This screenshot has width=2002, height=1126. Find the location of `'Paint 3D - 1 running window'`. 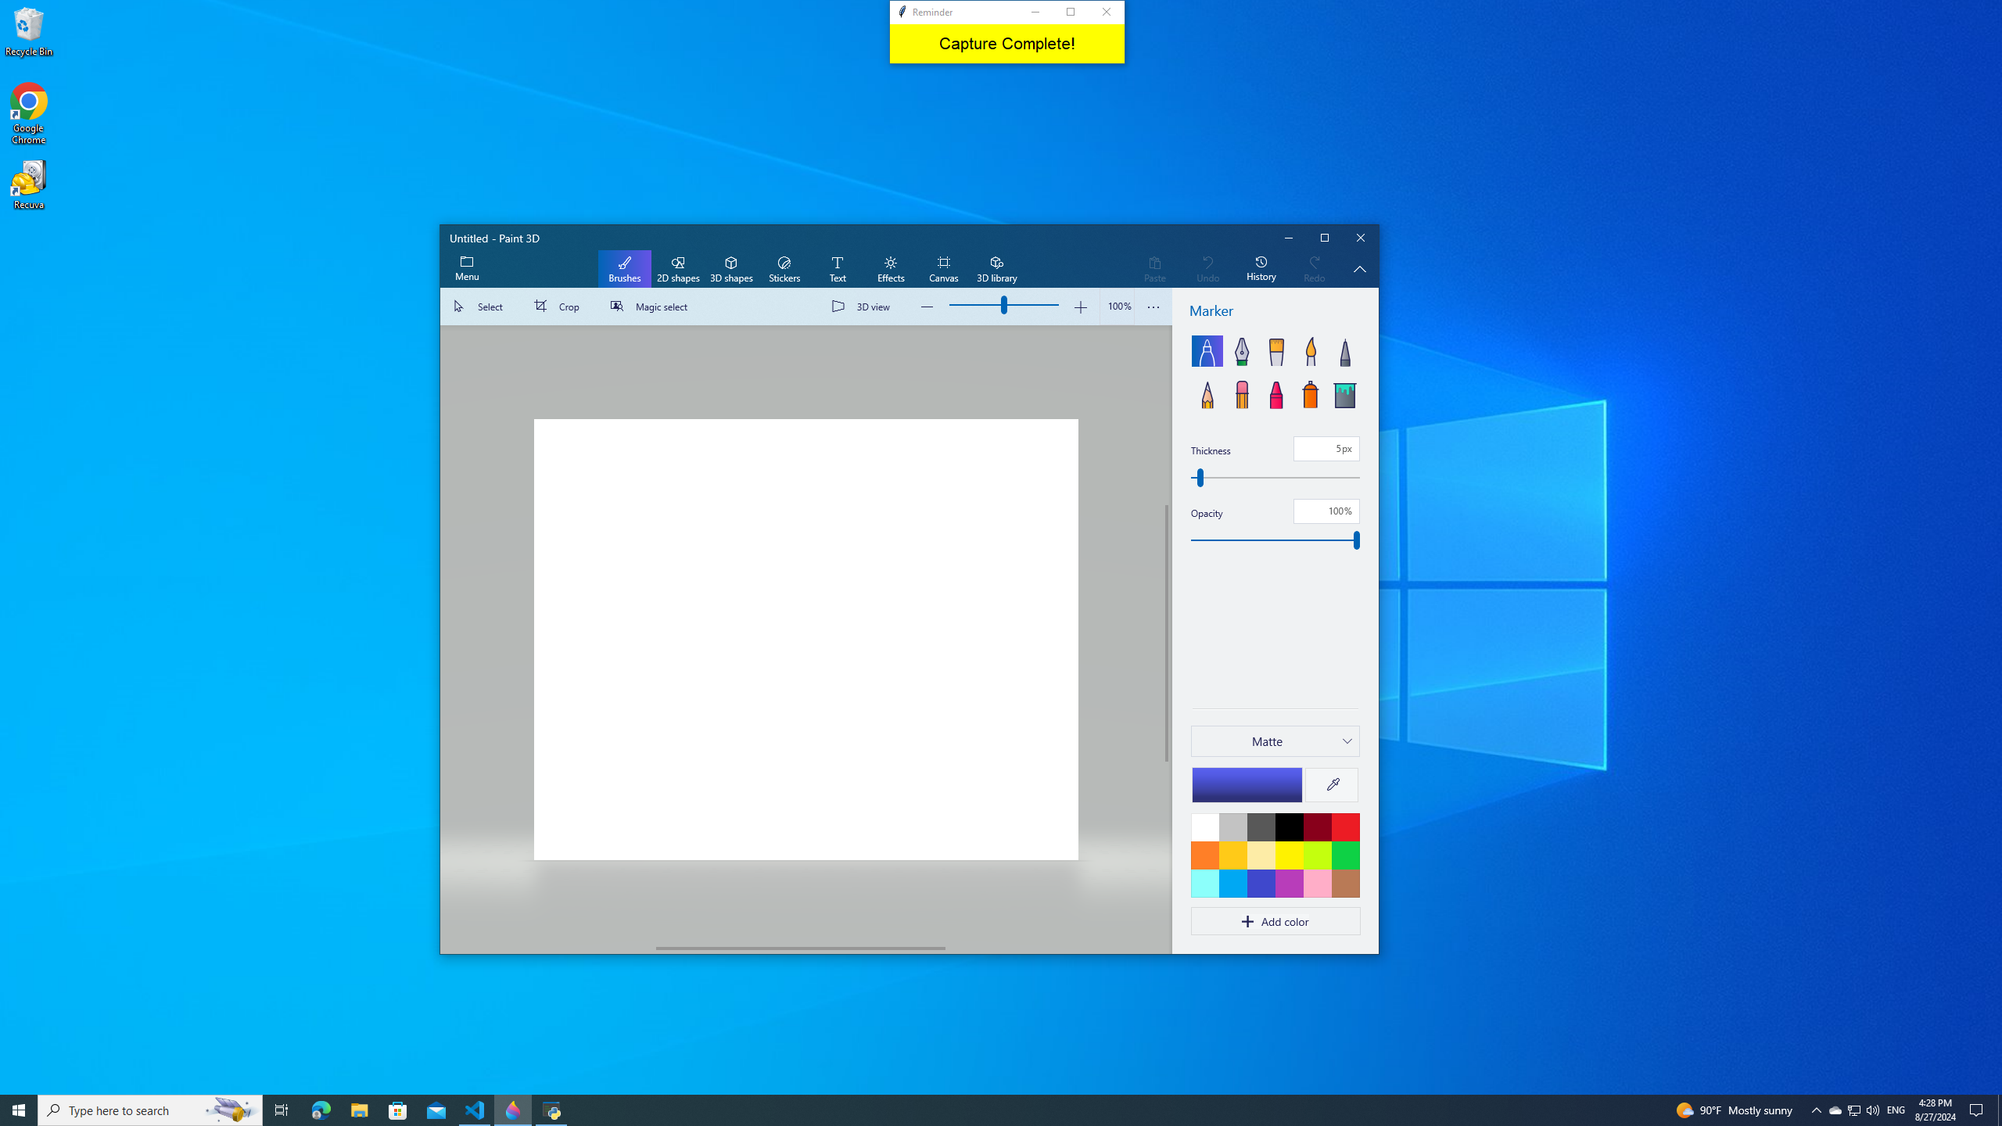

'Paint 3D - 1 running window' is located at coordinates (513, 1109).